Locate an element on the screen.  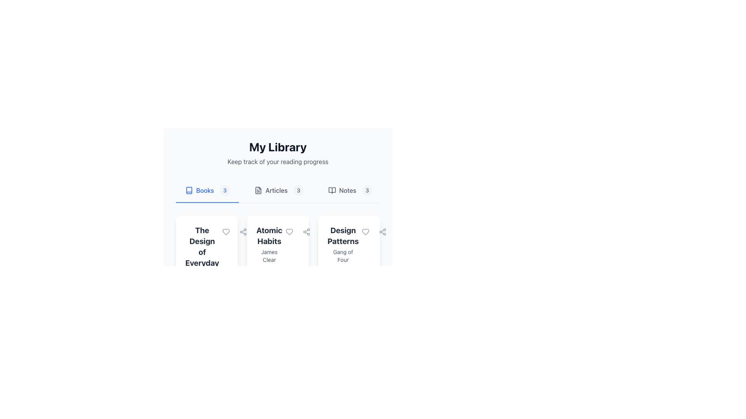
the 'Articles' icon located in the navigation bar is located at coordinates (258, 190).